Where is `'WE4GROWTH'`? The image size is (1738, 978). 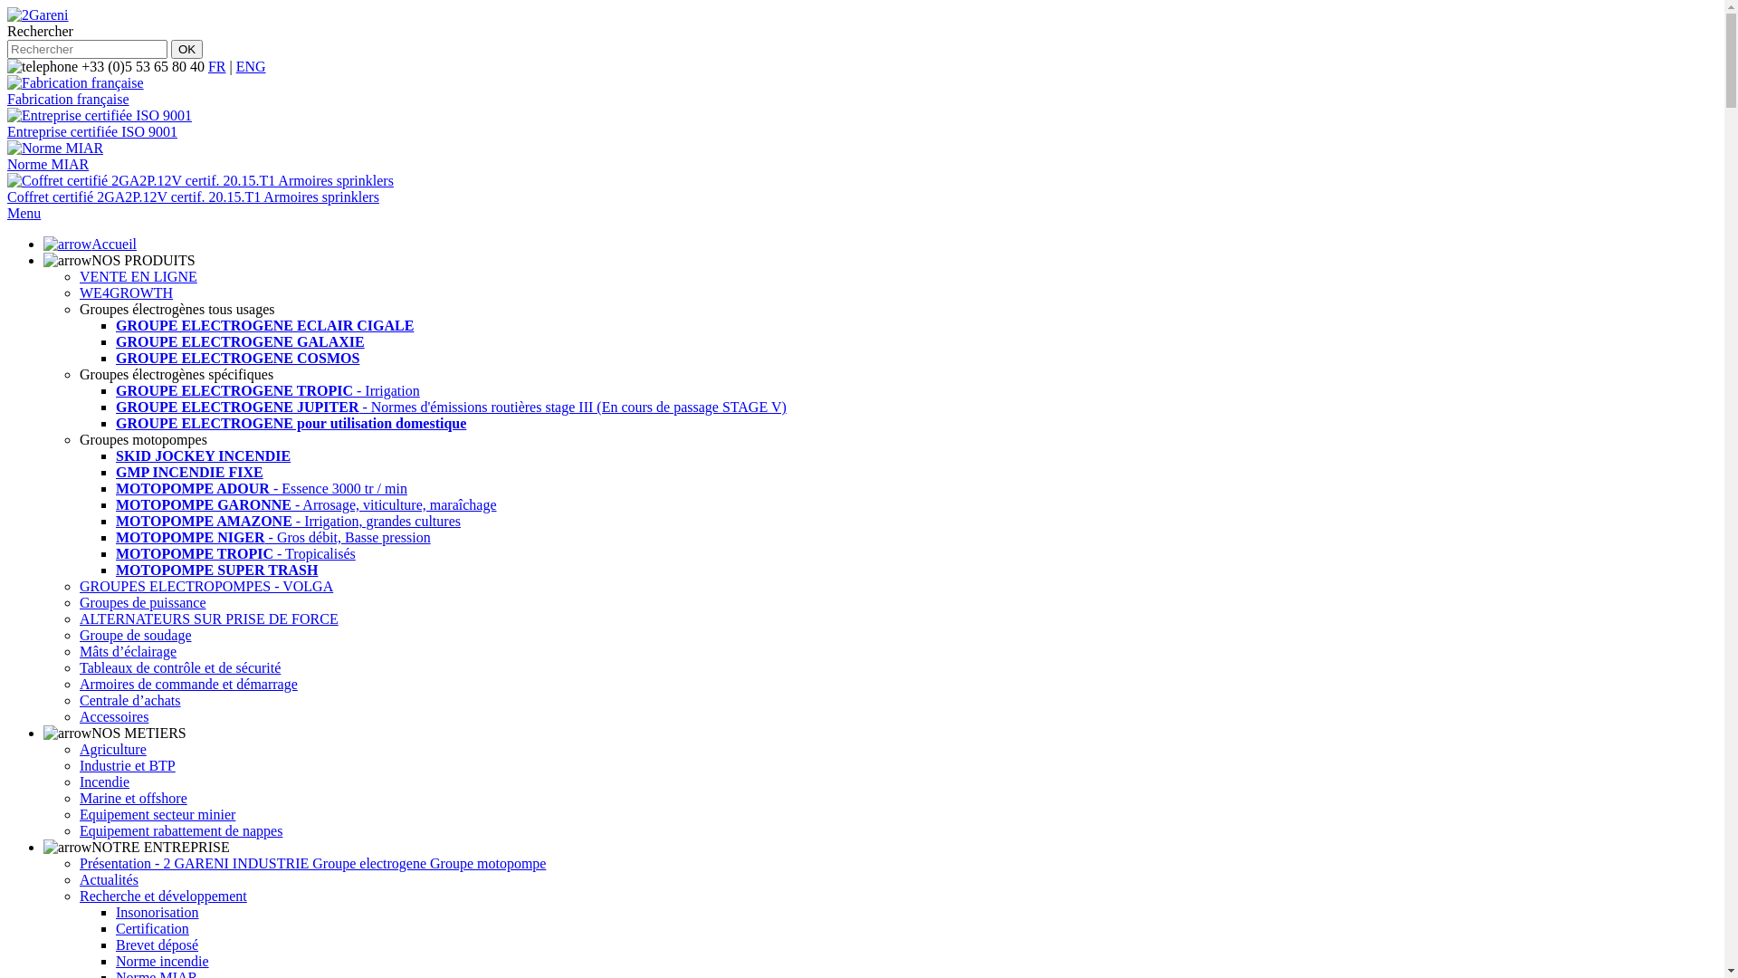
'WE4GROWTH' is located at coordinates (125, 292).